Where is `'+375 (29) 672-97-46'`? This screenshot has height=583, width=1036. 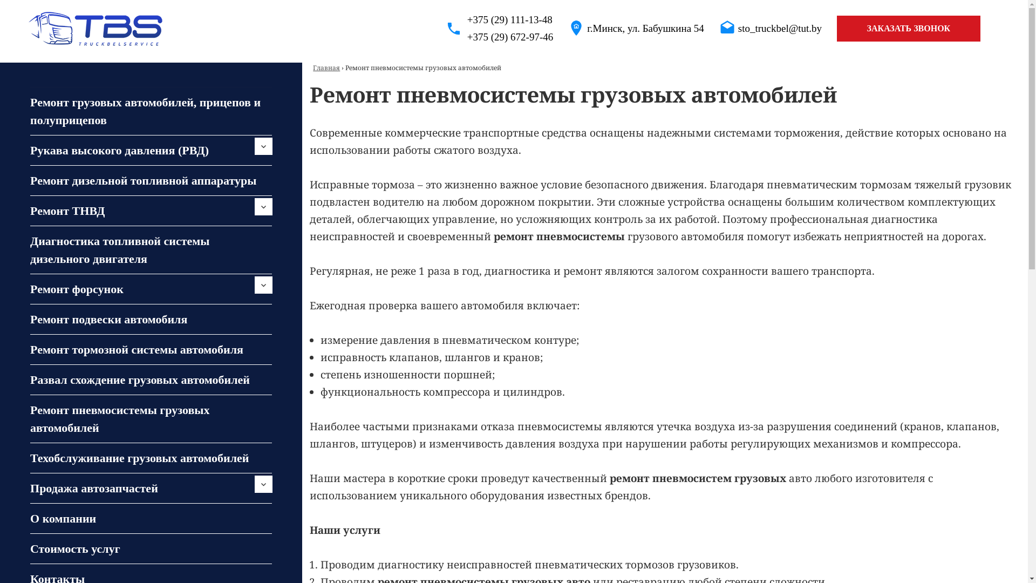 '+375 (29) 672-97-46' is located at coordinates (445, 37).